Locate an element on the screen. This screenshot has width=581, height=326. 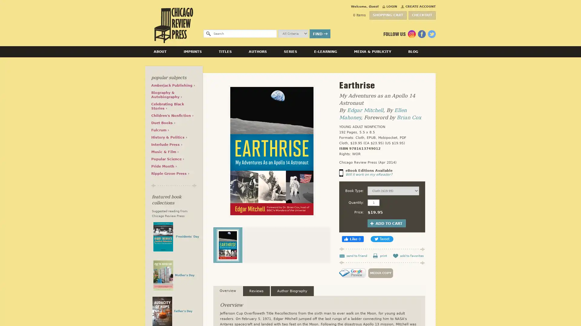
FIND is located at coordinates (320, 34).